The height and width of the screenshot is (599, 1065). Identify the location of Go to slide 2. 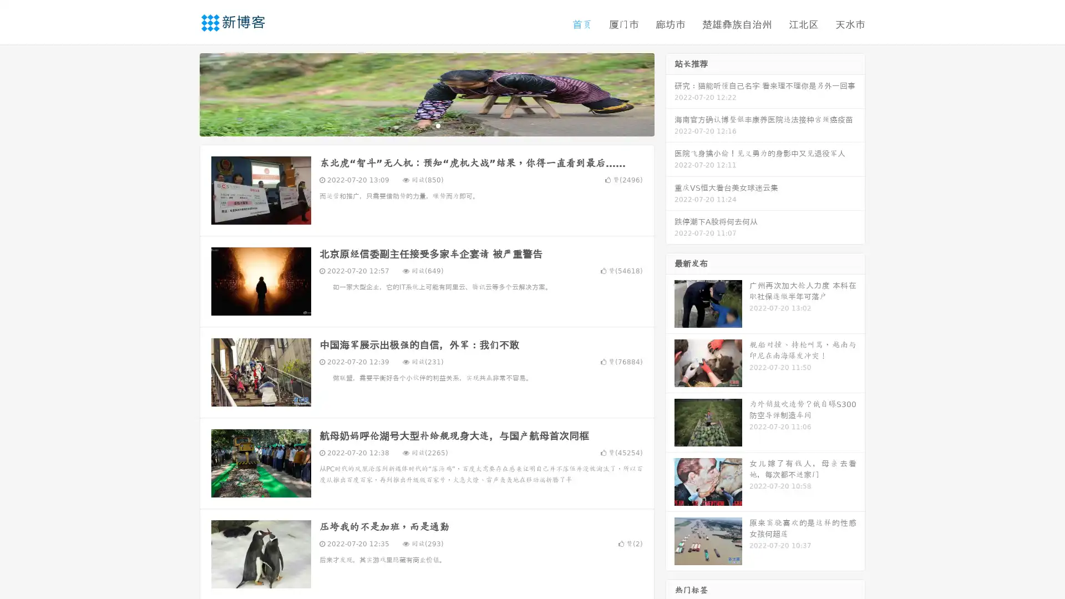
(426, 125).